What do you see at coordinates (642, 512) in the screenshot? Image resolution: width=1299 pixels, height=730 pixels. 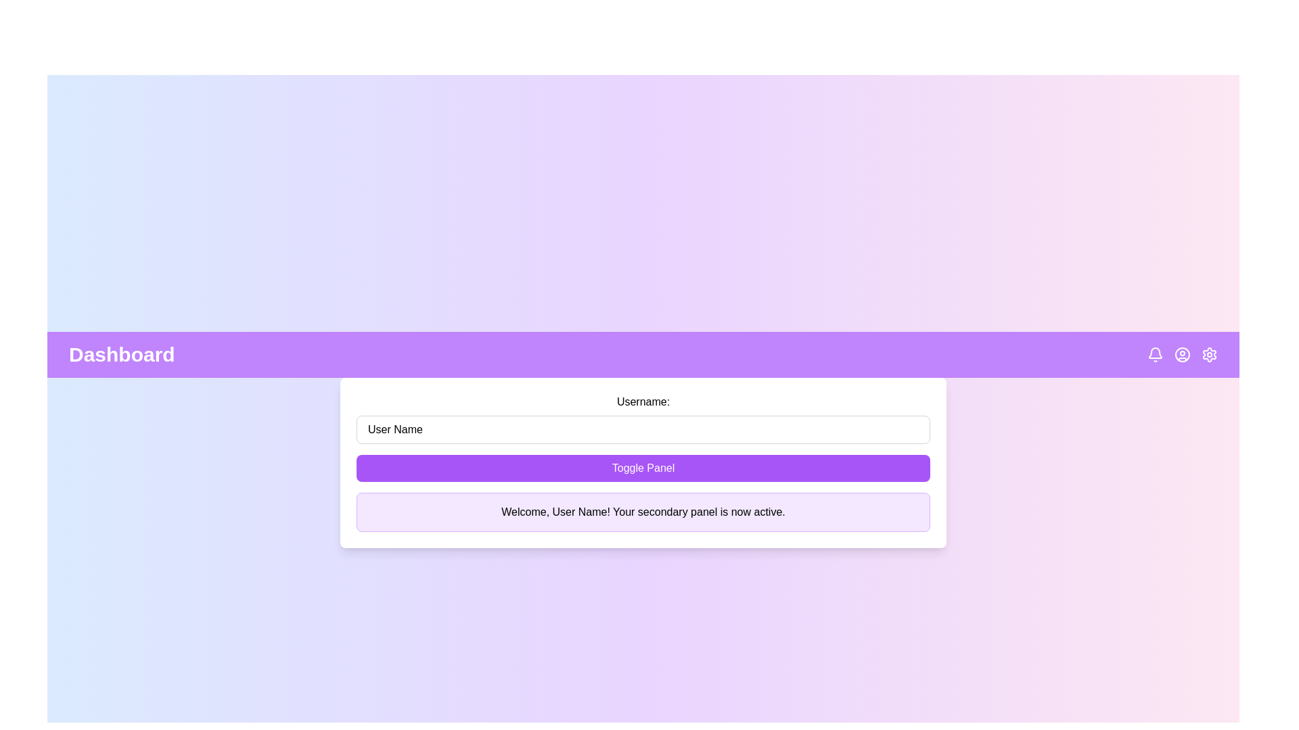 I see `text from the Text Label displaying 'Welcome, User Name! Your secondary panel is now active.' which is center-aligned within a rounded rectangle panel with a purple border` at bounding box center [642, 512].